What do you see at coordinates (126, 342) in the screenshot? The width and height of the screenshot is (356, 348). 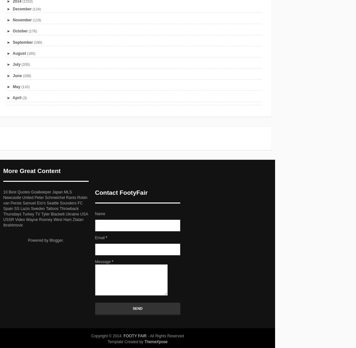 I see `'Template Created by'` at bounding box center [126, 342].